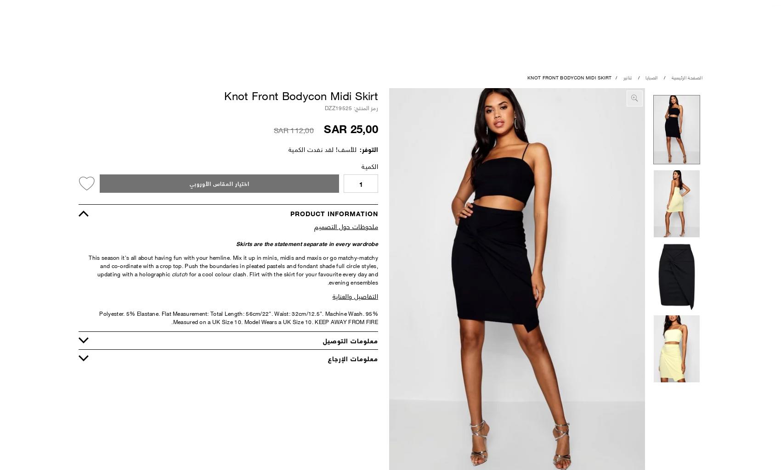 This screenshot has width=781, height=470. I want to click on '. Push the boundaries in pleated pastels and fondant shade full circle styles, updating with a holographic', so click(238, 269).